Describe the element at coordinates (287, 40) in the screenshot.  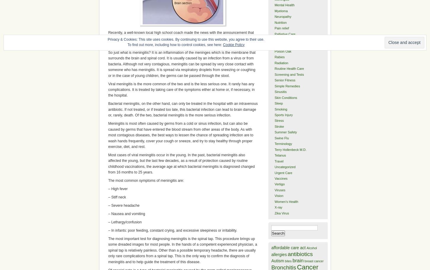
I see `'Physician Lineage'` at that location.